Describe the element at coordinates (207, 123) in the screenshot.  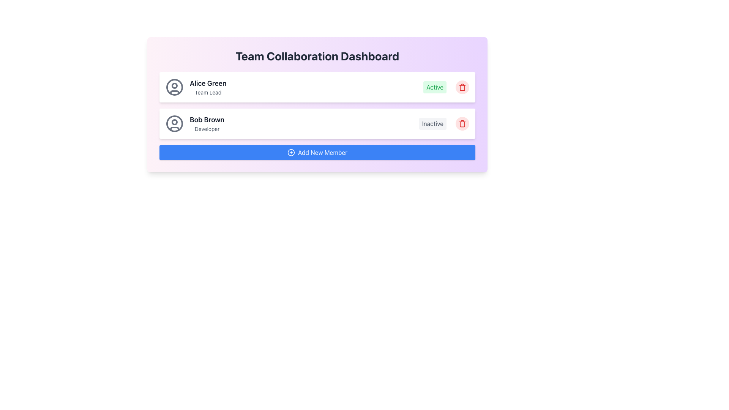
I see `the text label displaying 'Bob Brown' and 'Developer' in a light-colored box, which is the second item in the user list` at that location.